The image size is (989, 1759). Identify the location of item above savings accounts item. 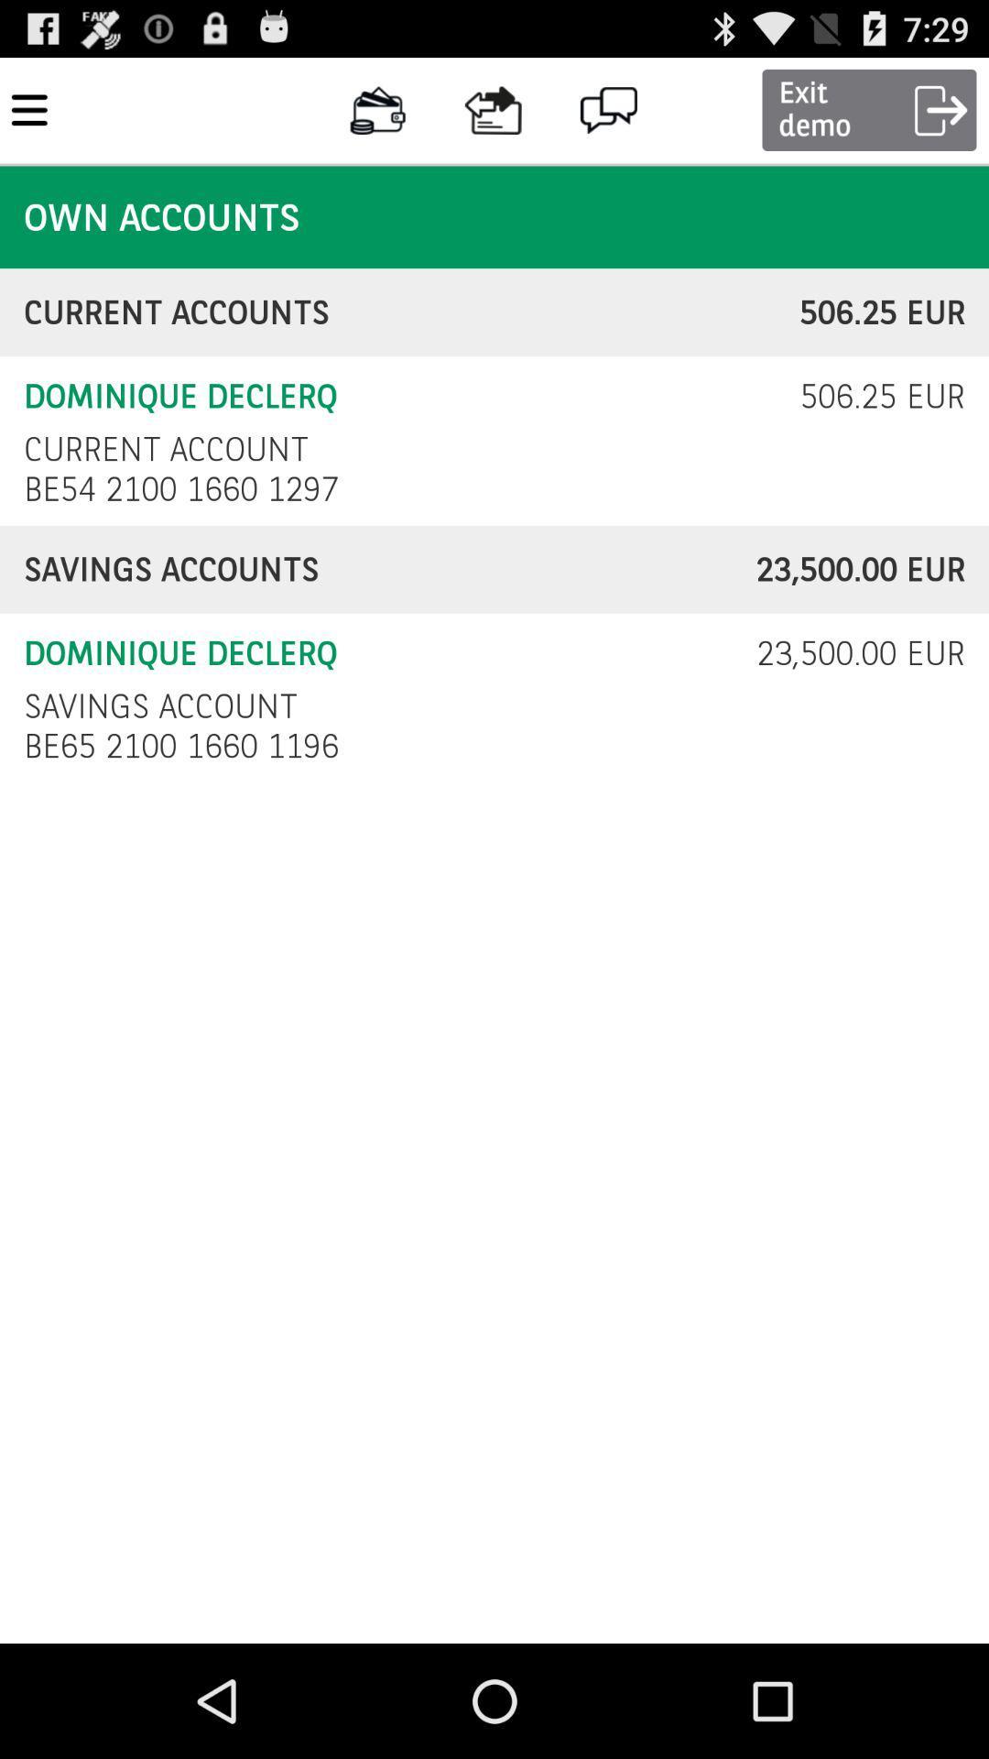
(186, 488).